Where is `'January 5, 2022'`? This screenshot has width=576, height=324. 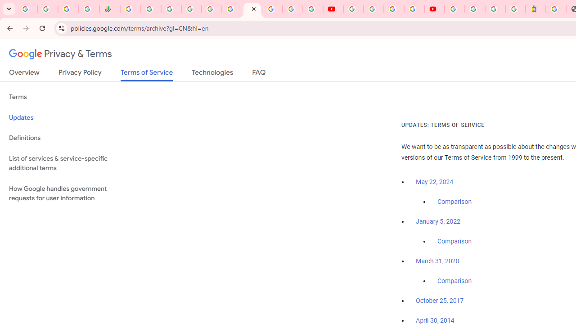 'January 5, 2022' is located at coordinates (438, 221).